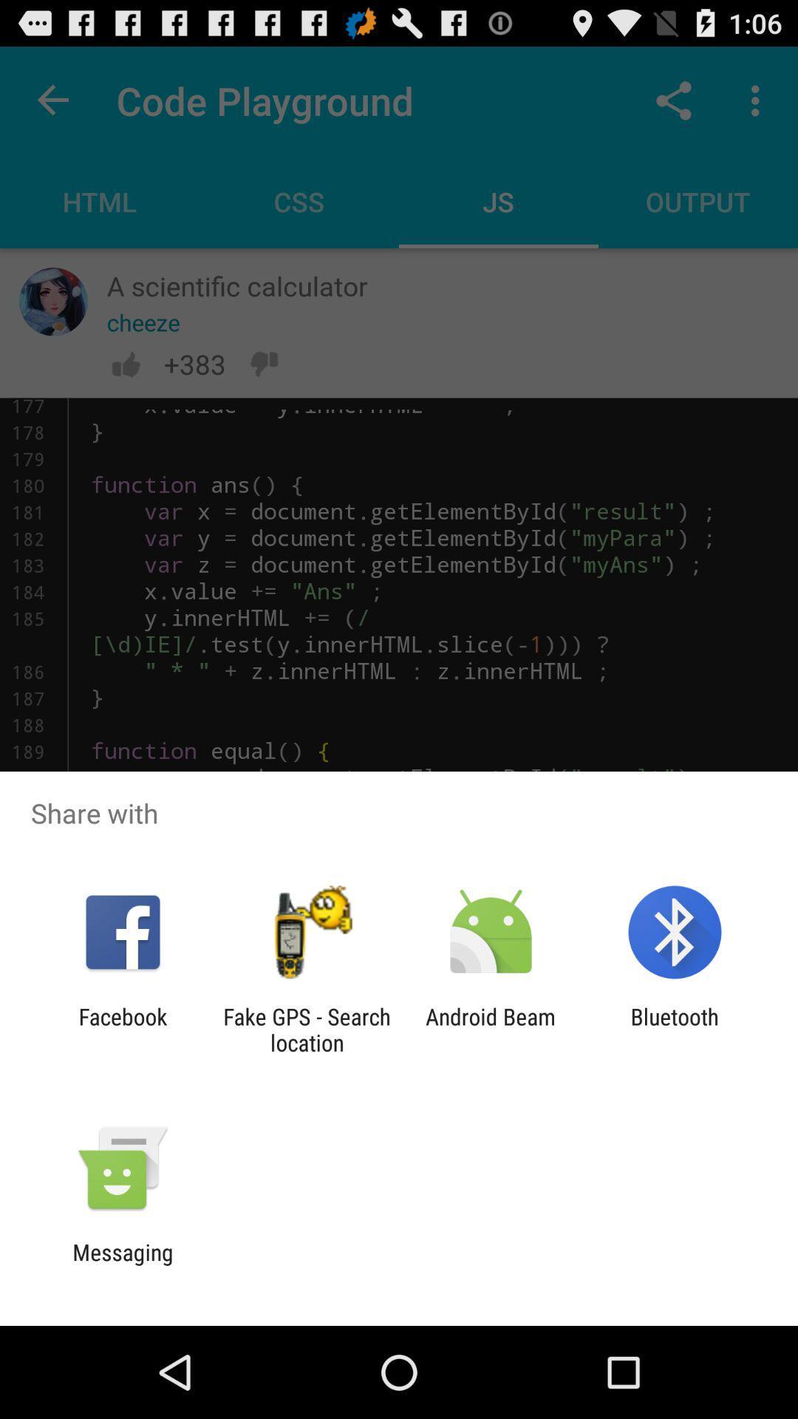  Describe the element at coordinates (306, 1029) in the screenshot. I see `fake gps search` at that location.